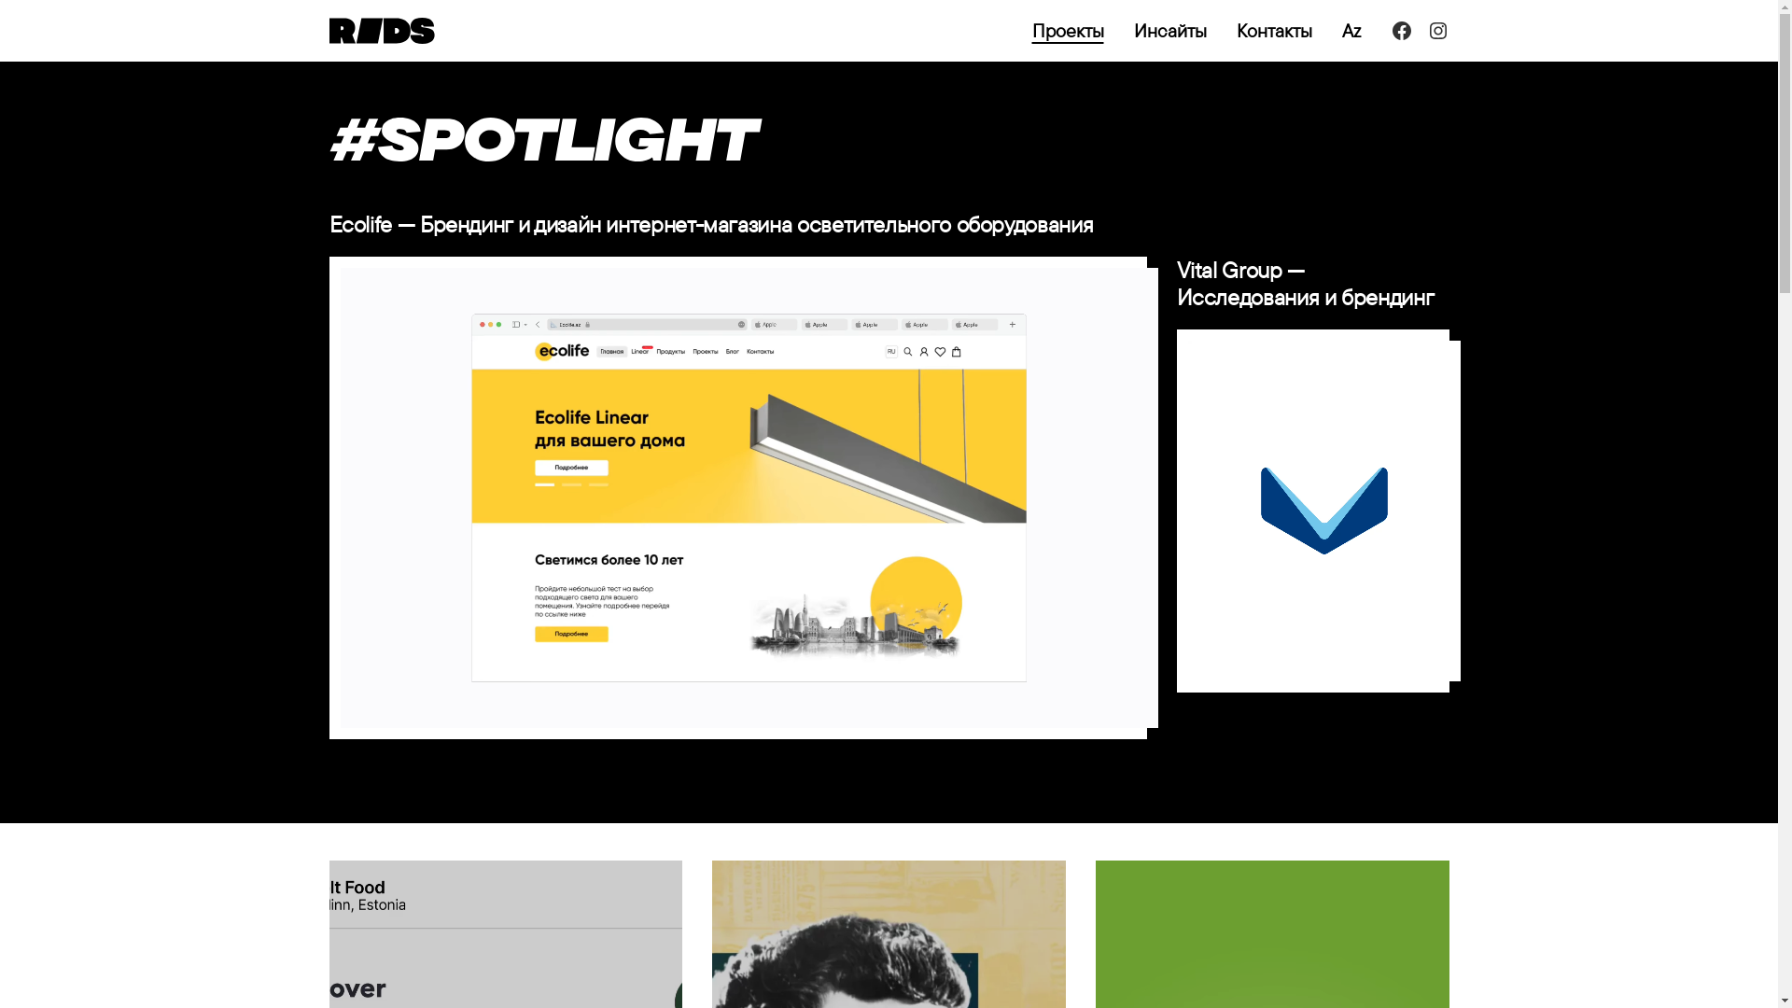 The width and height of the screenshot is (1792, 1008). Describe the element at coordinates (1424, 31) in the screenshot. I see `'Instagram'` at that location.